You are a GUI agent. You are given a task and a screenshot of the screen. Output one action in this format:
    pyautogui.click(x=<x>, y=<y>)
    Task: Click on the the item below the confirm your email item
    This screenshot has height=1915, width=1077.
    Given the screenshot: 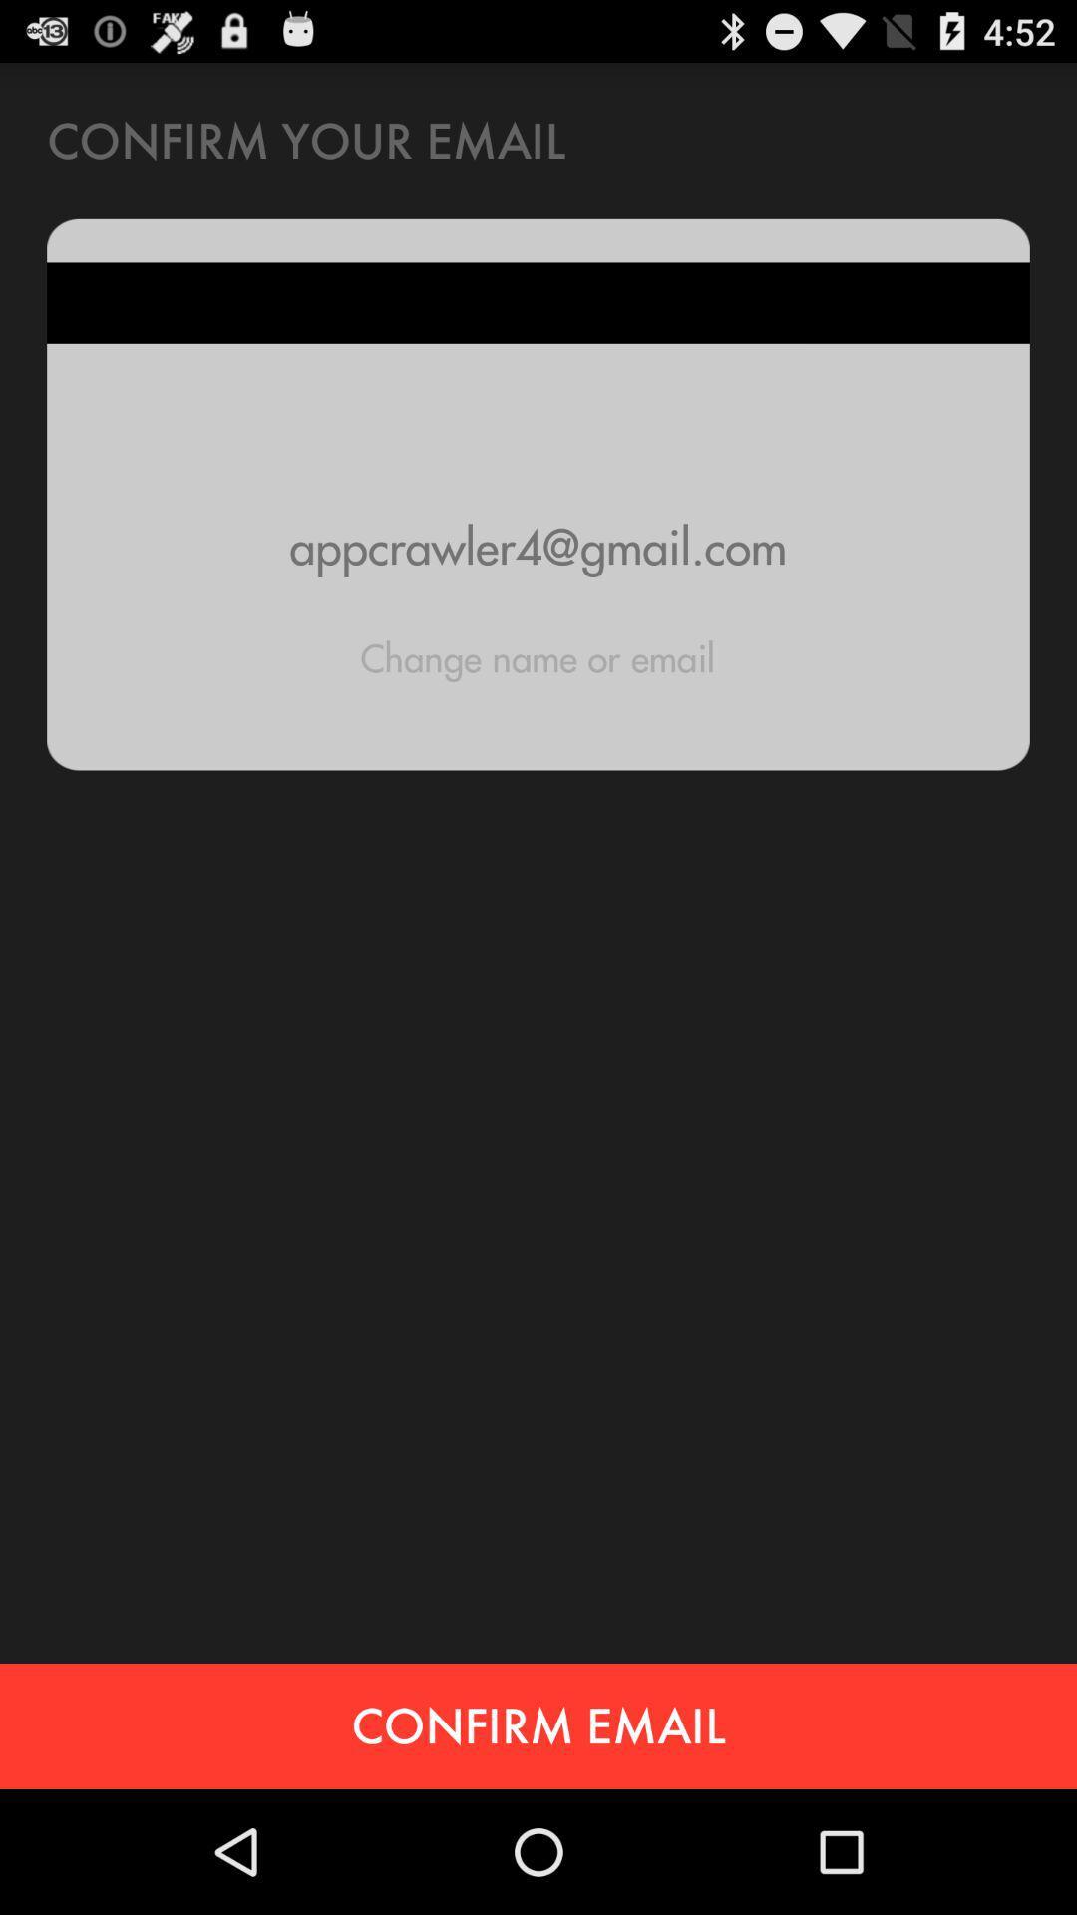 What is the action you would take?
    pyautogui.click(x=538, y=547)
    